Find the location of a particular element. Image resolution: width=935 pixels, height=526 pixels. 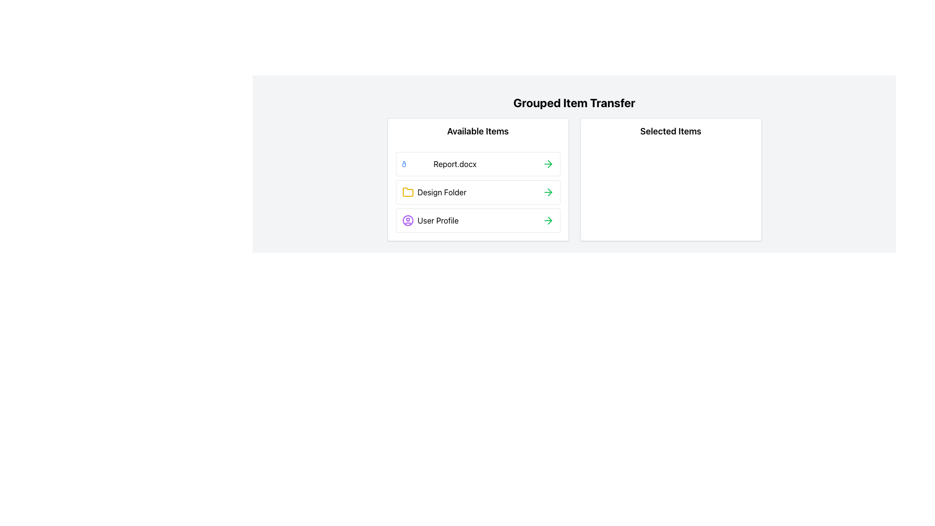

the purple stroke circle representing a user profile in the third item of the left column under 'Available Items' is located at coordinates (408, 220).